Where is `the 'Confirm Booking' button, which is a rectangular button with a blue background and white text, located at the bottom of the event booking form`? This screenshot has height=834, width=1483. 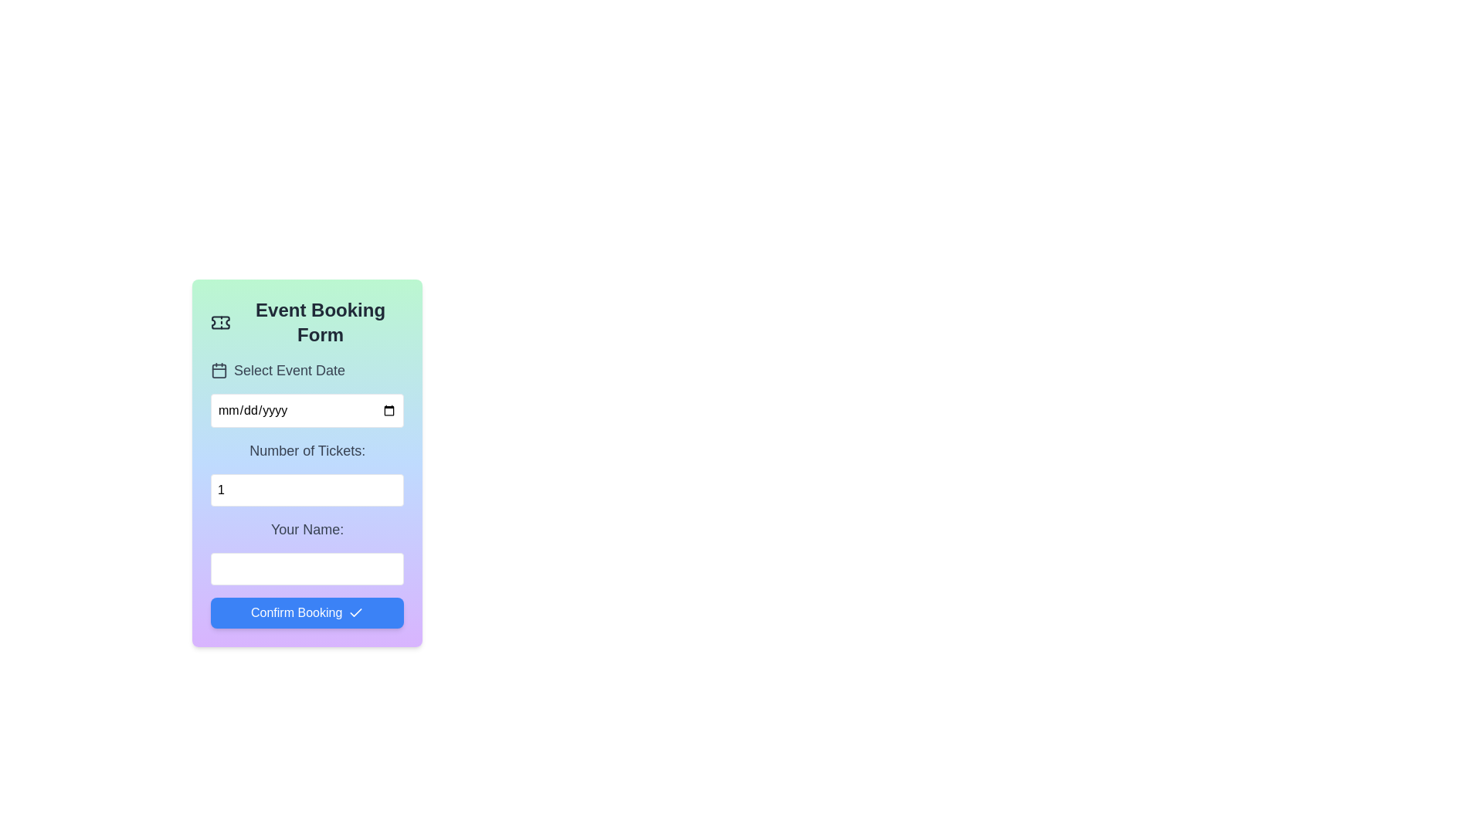
the 'Confirm Booking' button, which is a rectangular button with a blue background and white text, located at the bottom of the event booking form is located at coordinates (307, 612).